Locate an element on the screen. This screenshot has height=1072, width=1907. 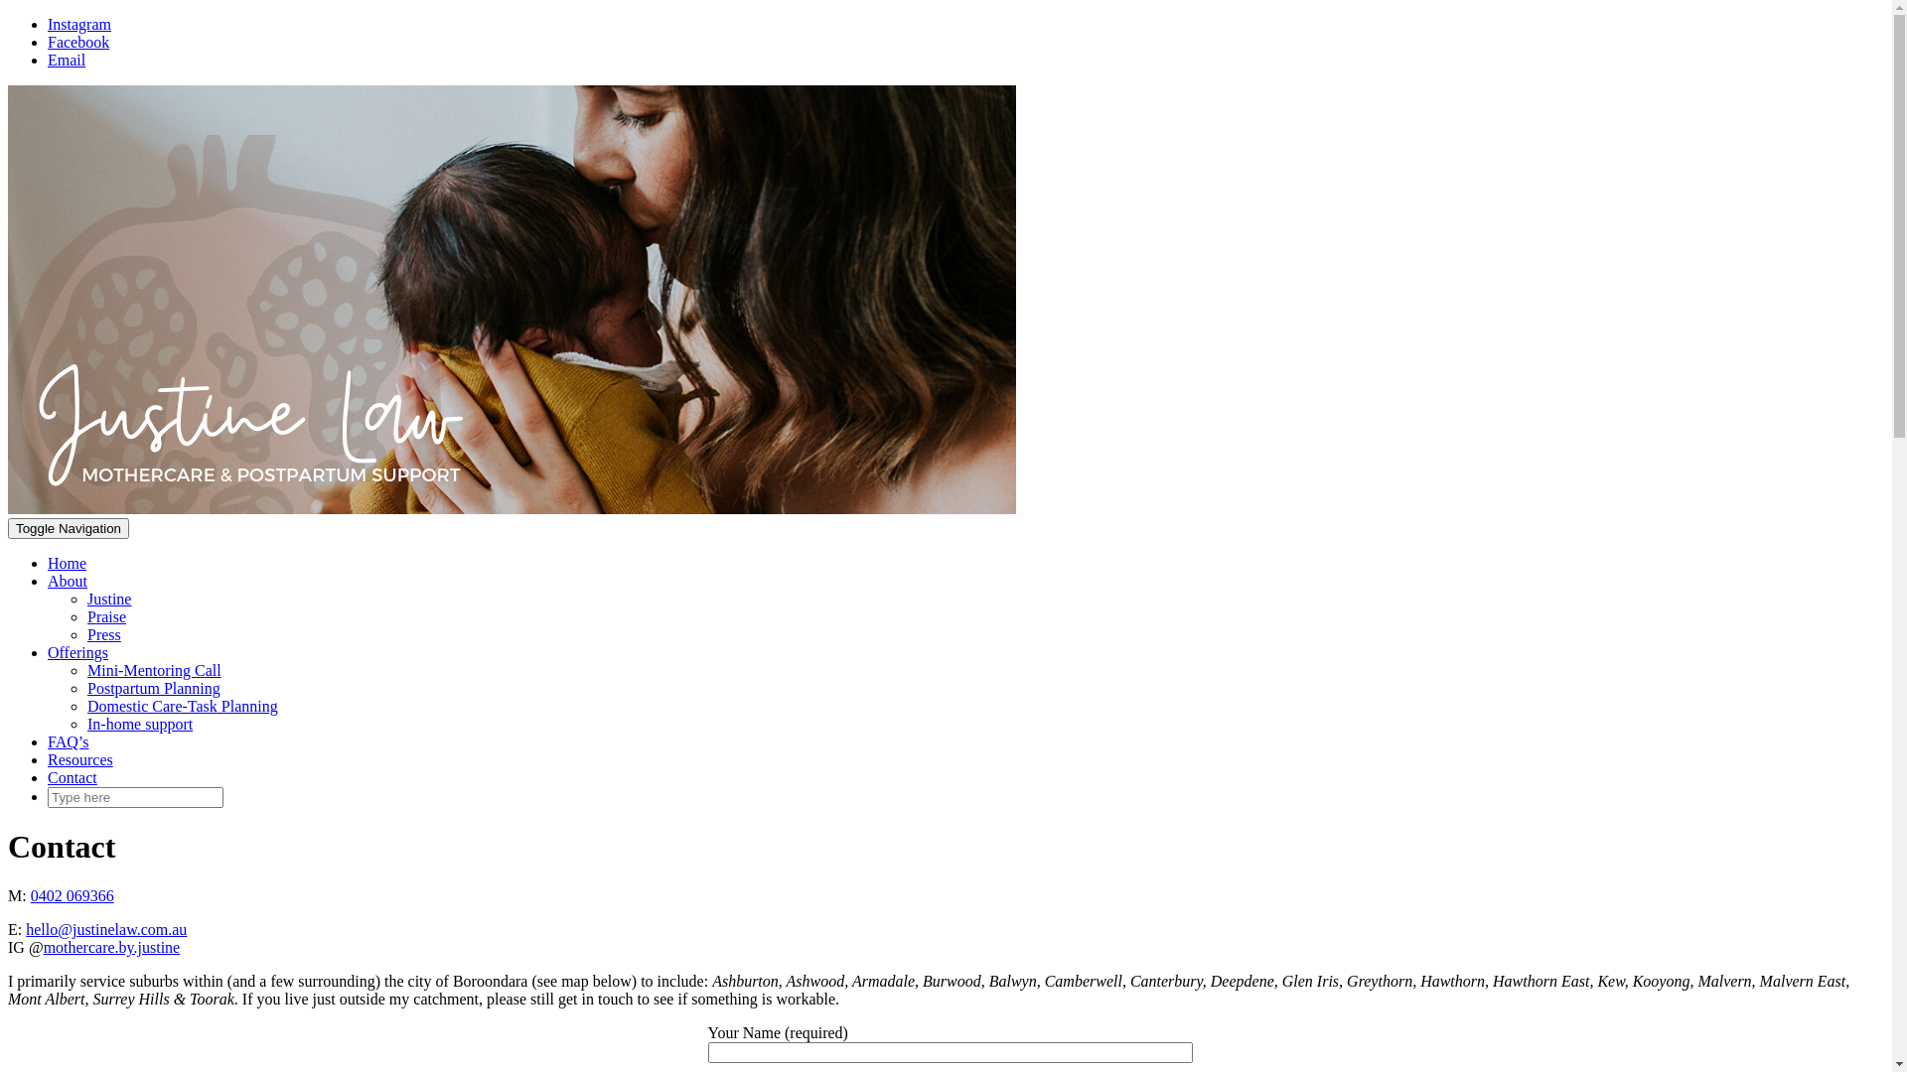
'Instagram' is located at coordinates (79, 24).